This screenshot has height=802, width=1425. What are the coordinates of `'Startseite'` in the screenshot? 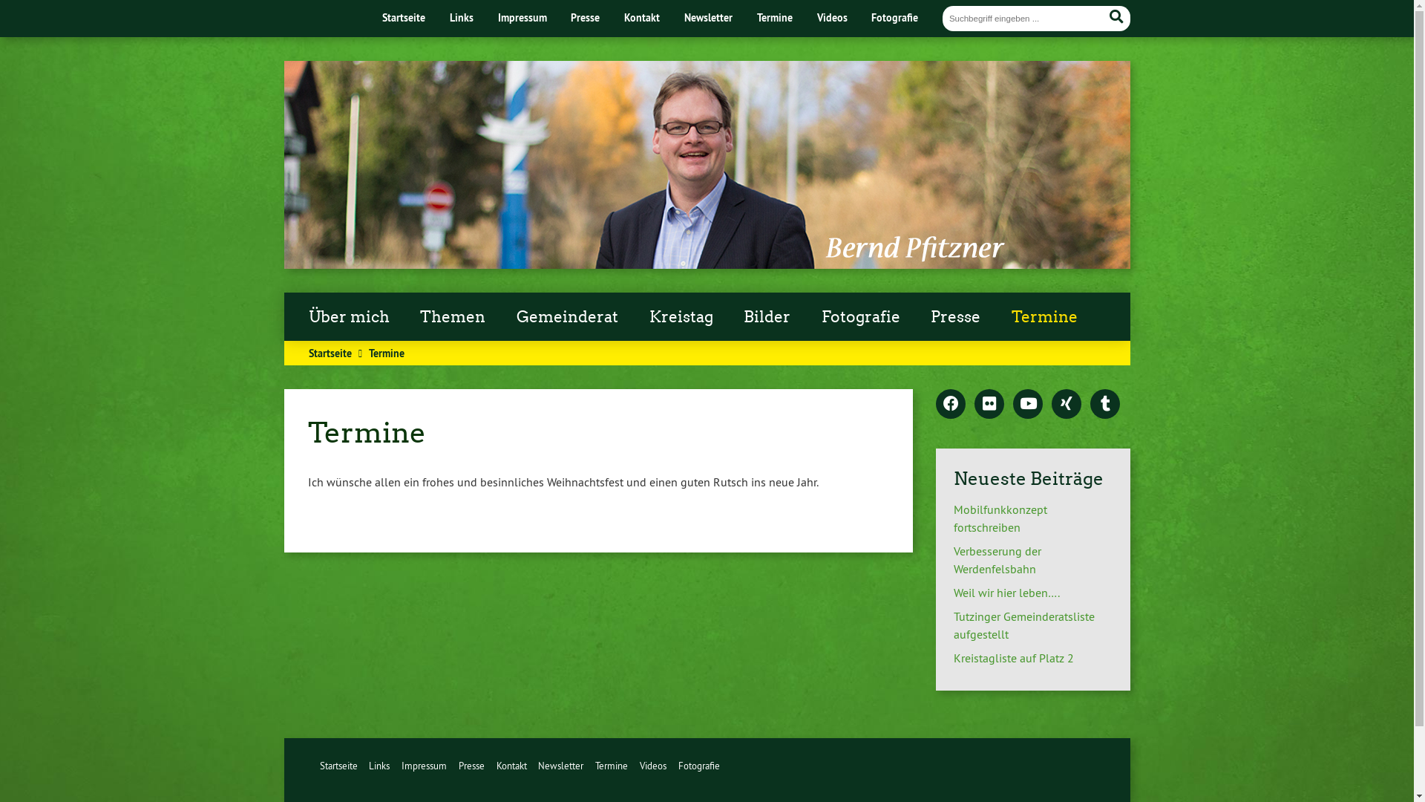 It's located at (337, 765).